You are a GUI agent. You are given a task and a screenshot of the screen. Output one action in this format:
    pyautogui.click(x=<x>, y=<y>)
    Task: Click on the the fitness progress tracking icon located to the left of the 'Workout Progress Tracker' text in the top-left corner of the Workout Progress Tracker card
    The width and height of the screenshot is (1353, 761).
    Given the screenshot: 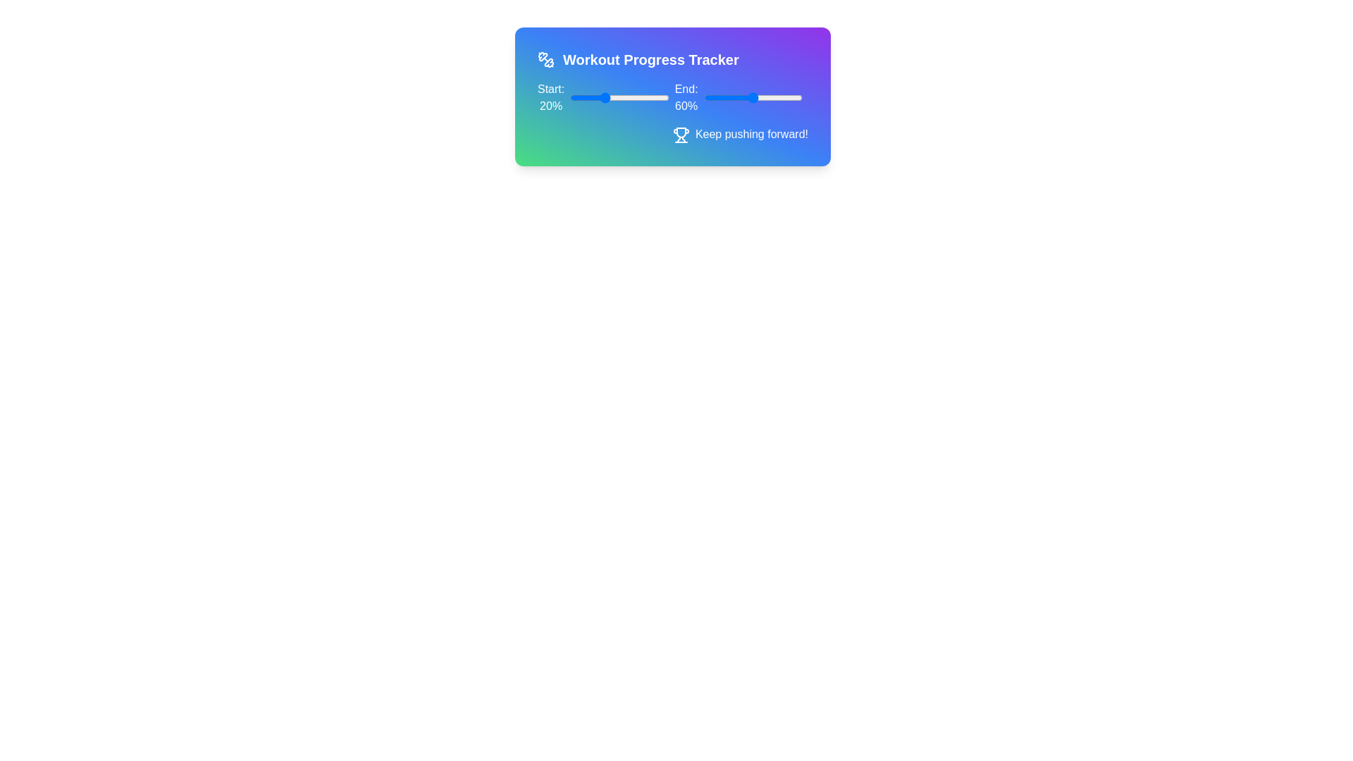 What is the action you would take?
    pyautogui.click(x=542, y=56)
    